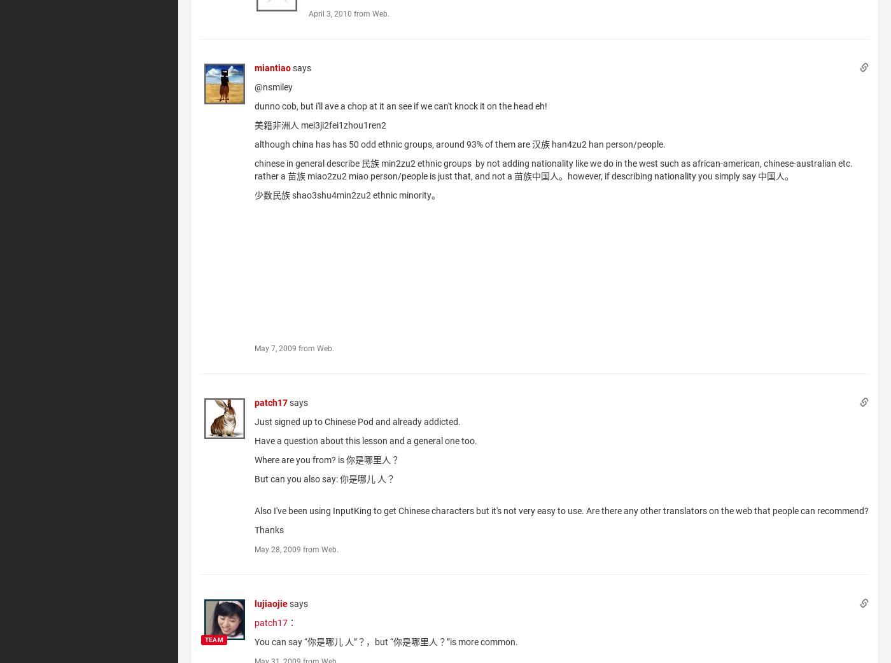 This screenshot has width=891, height=663. What do you see at coordinates (437, 641) in the screenshot?
I see `'？”is more common.'` at bounding box center [437, 641].